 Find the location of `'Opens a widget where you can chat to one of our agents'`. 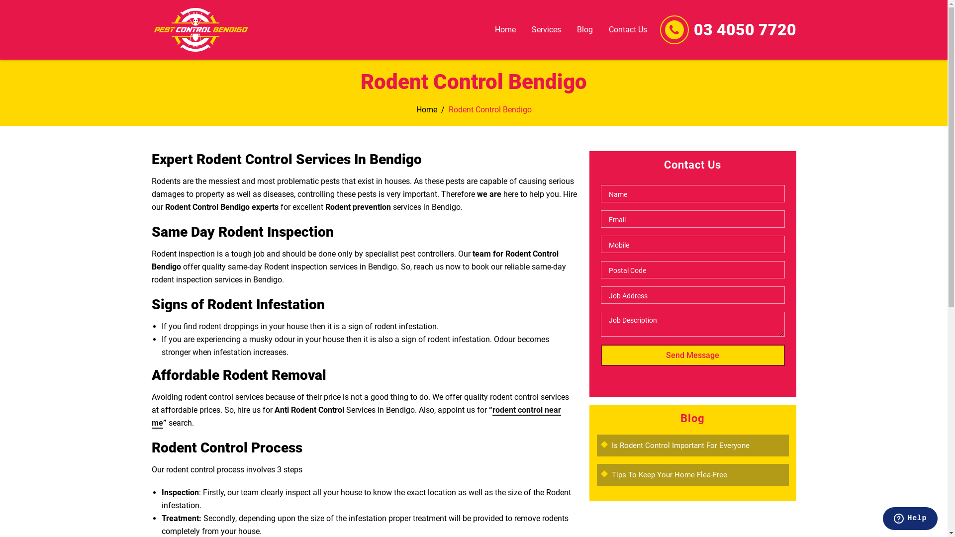

'Opens a widget where you can chat to one of our agents' is located at coordinates (910, 519).